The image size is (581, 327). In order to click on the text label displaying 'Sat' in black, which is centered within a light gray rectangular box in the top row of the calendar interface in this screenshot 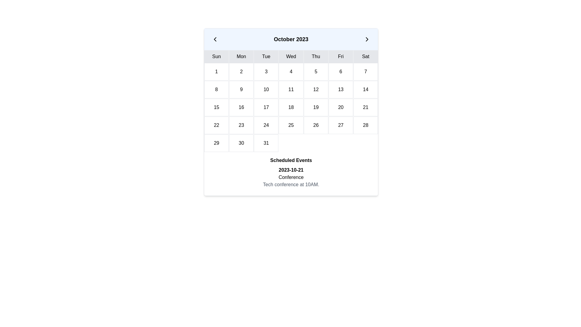, I will do `click(365, 56)`.